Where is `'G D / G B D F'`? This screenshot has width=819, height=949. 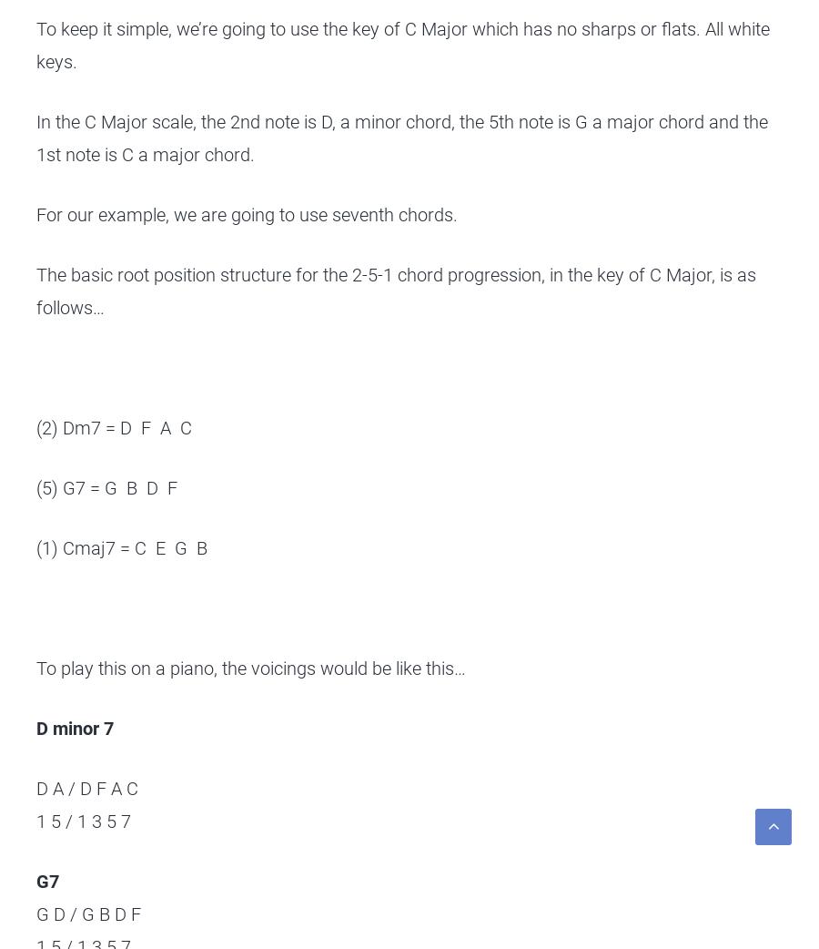 'G D / G B D F' is located at coordinates (35, 913).